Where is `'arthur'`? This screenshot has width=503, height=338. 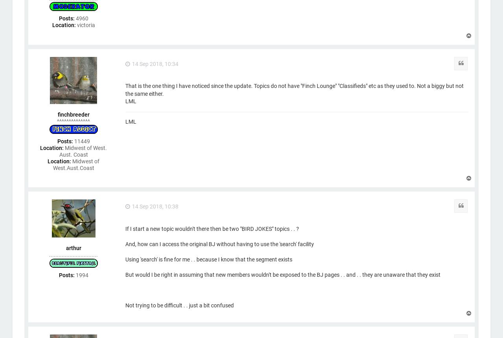
'arthur' is located at coordinates (66, 248).